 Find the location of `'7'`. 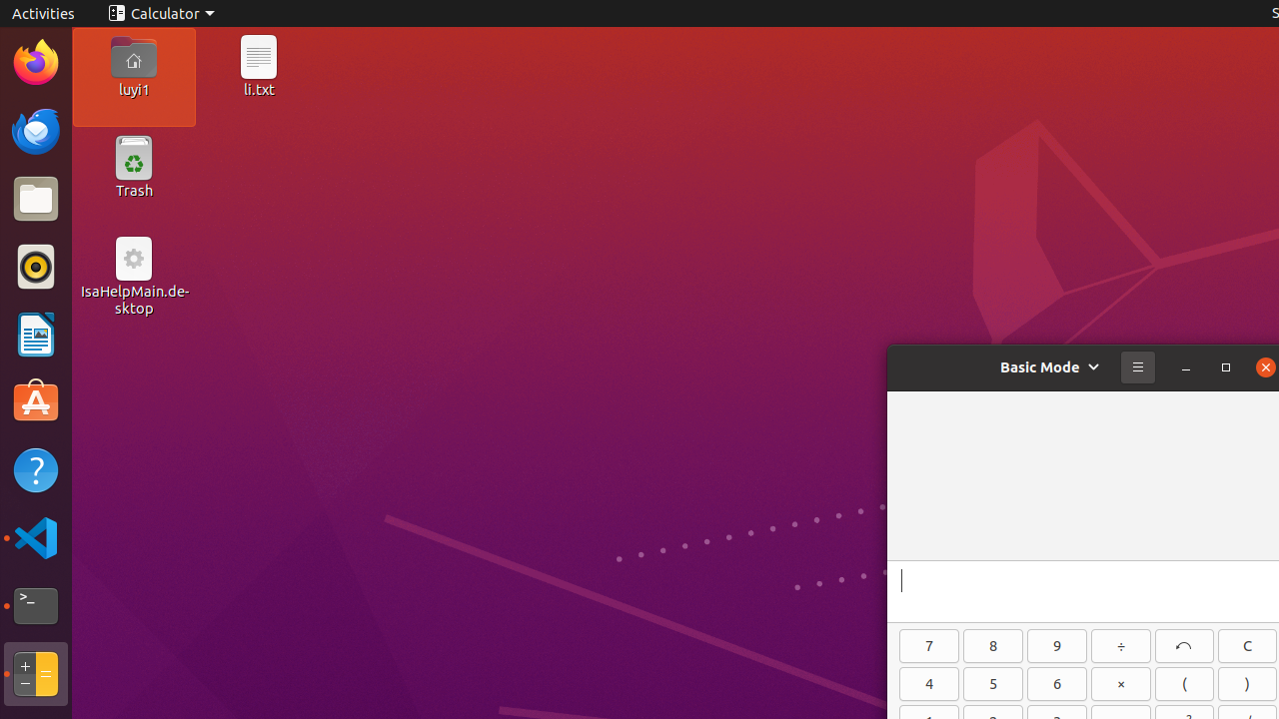

'7' is located at coordinates (928, 645).